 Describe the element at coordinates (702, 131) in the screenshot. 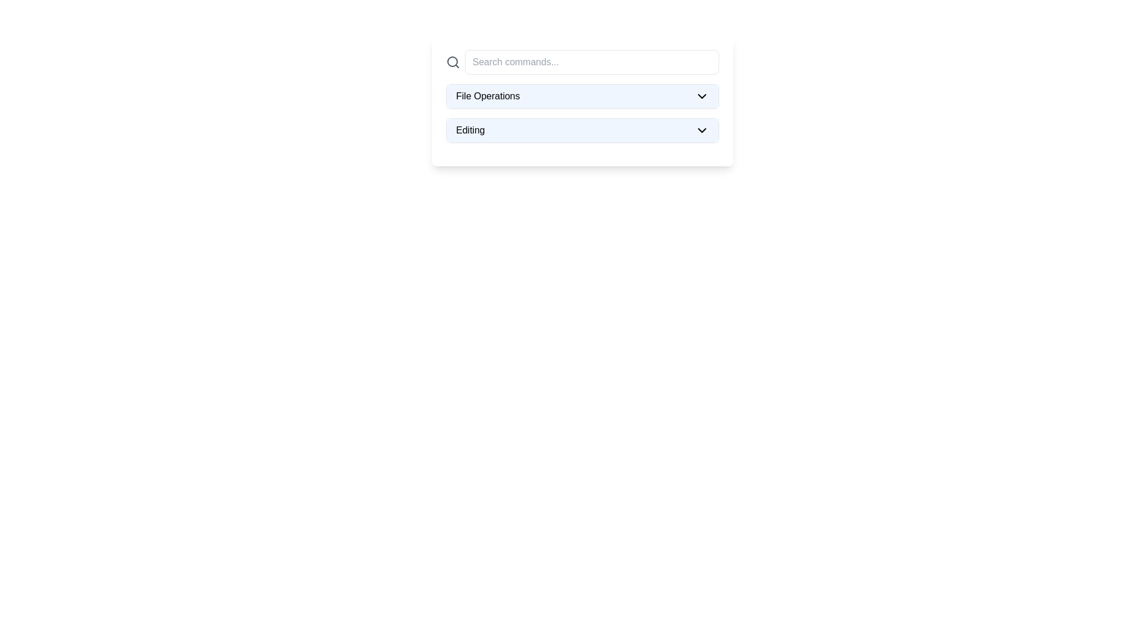

I see `the chevron icon used for dropdown functionality located at the far-right side of the 'Editing' bar` at that location.